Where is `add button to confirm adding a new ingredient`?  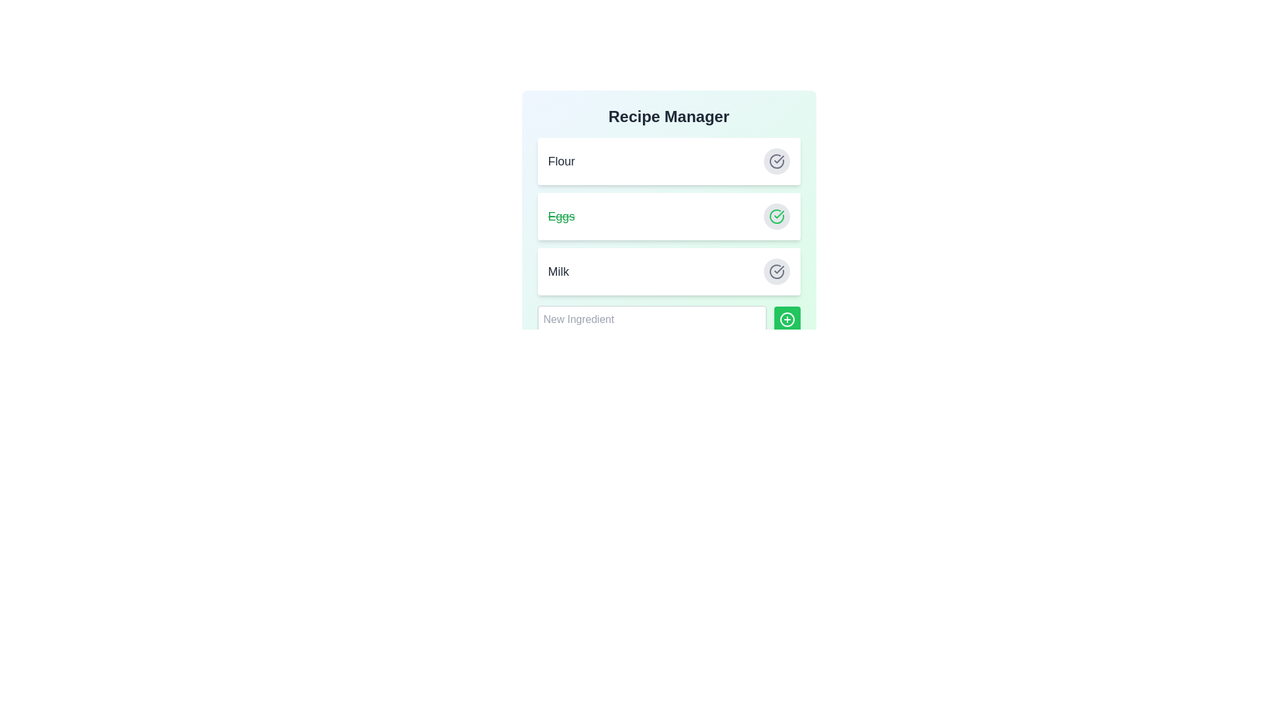
add button to confirm adding a new ingredient is located at coordinates (787, 319).